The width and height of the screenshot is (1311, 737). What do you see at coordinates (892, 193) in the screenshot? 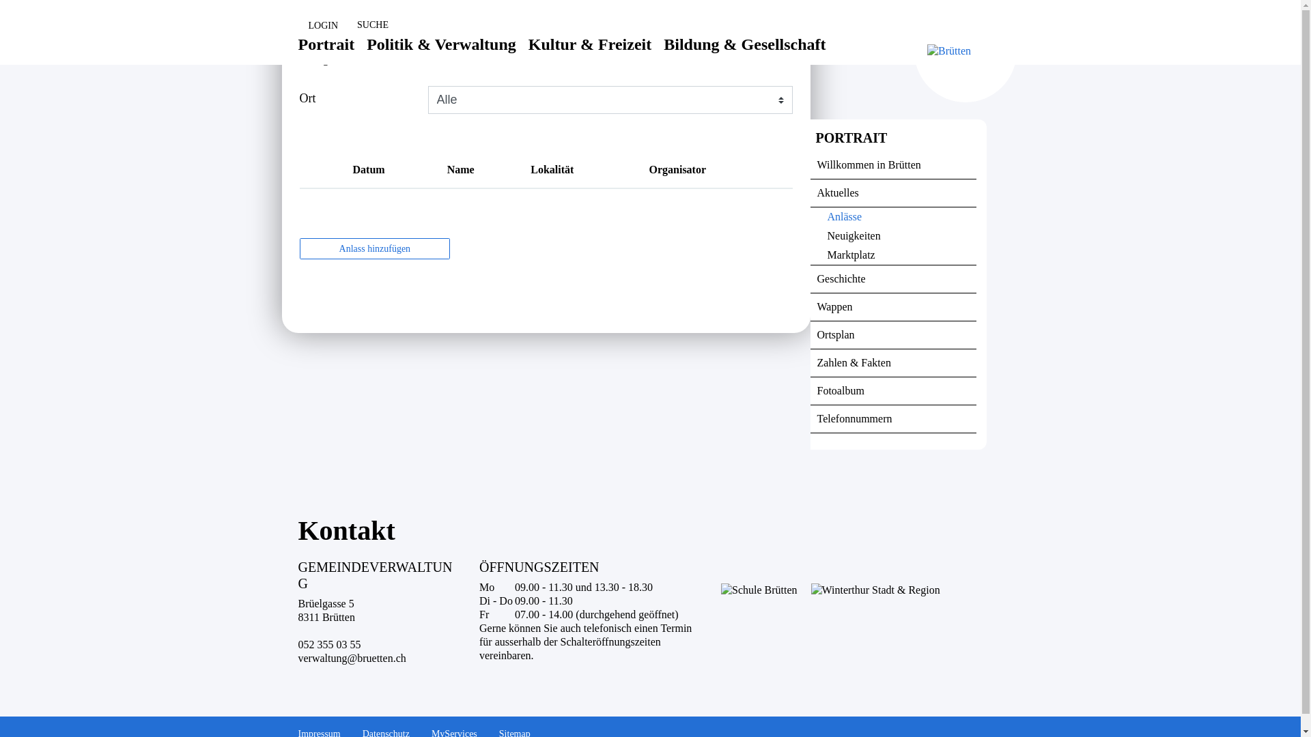
I see `'Aktuelles'` at bounding box center [892, 193].